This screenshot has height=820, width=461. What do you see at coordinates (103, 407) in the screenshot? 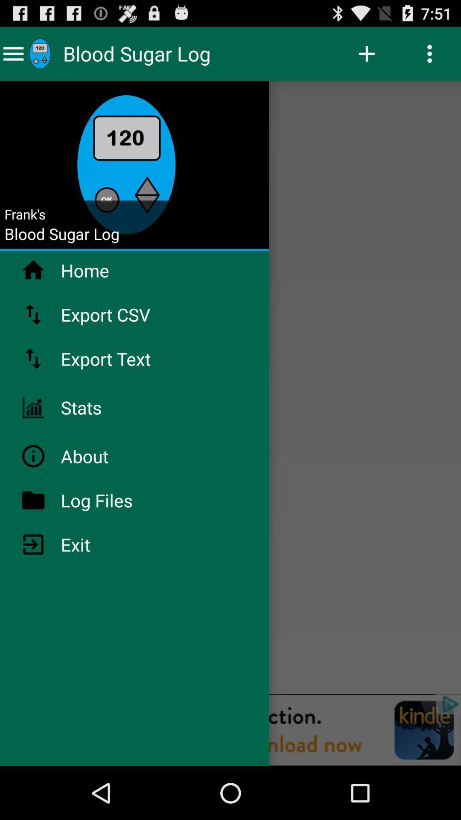
I see `the stats item` at bounding box center [103, 407].